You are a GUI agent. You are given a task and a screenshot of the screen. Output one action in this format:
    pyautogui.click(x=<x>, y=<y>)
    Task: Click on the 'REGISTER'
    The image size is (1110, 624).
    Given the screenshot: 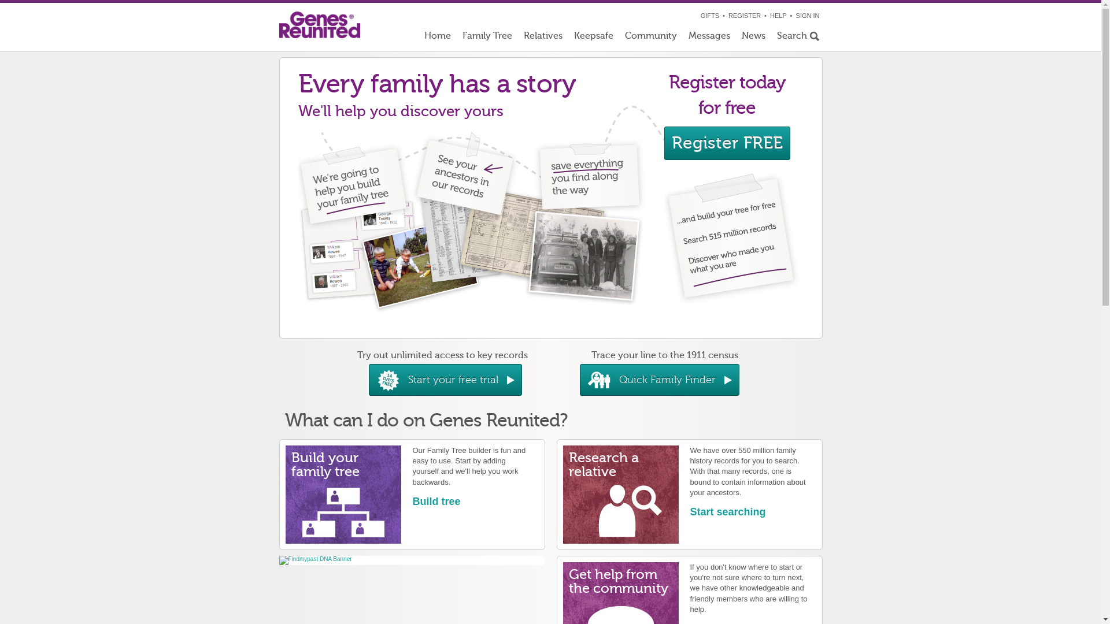 What is the action you would take?
    pyautogui.click(x=727, y=16)
    